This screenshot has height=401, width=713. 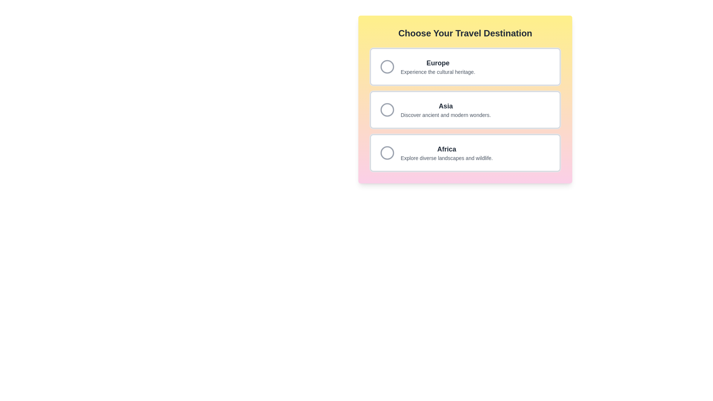 What do you see at coordinates (387, 67) in the screenshot?
I see `the circular radio button for the 'Europe' option` at bounding box center [387, 67].